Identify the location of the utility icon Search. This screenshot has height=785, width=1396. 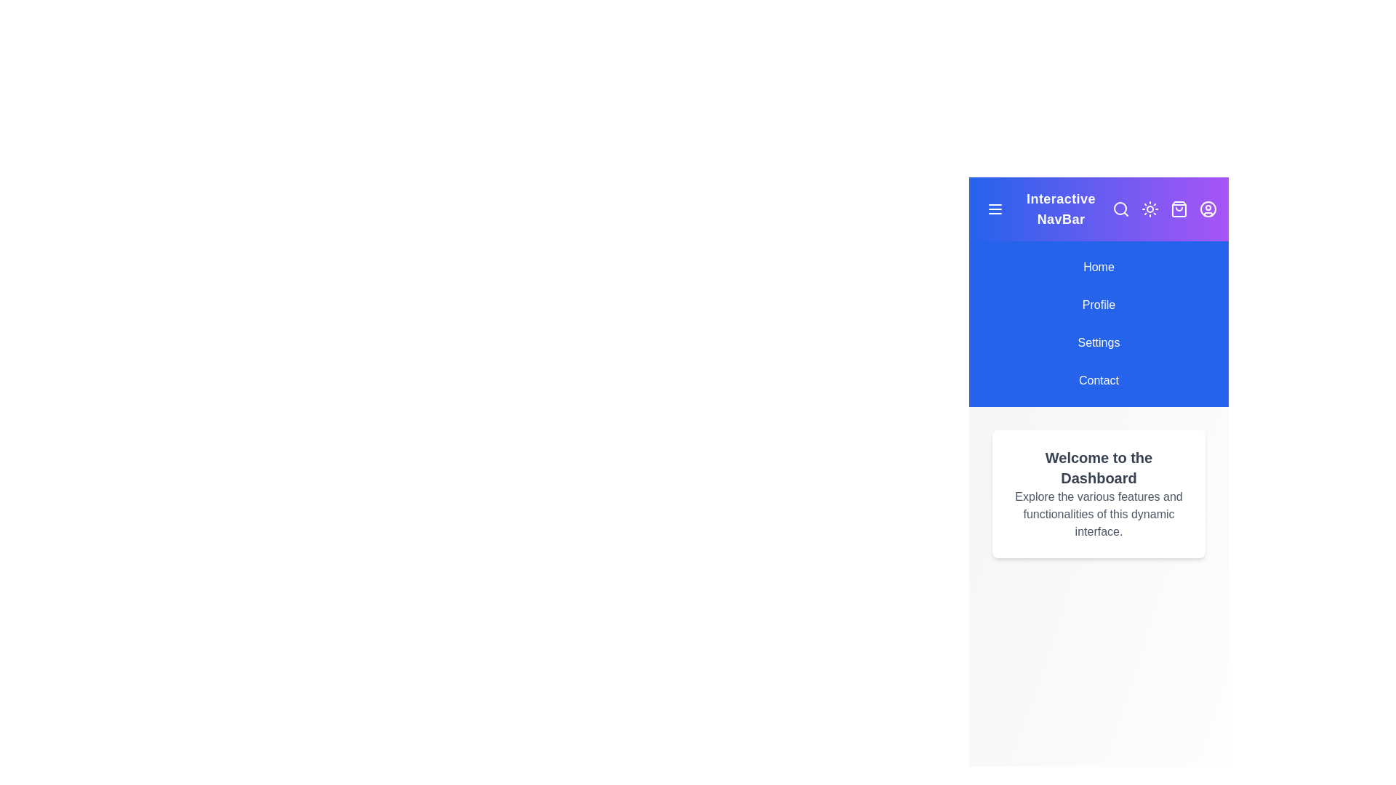
(1120, 209).